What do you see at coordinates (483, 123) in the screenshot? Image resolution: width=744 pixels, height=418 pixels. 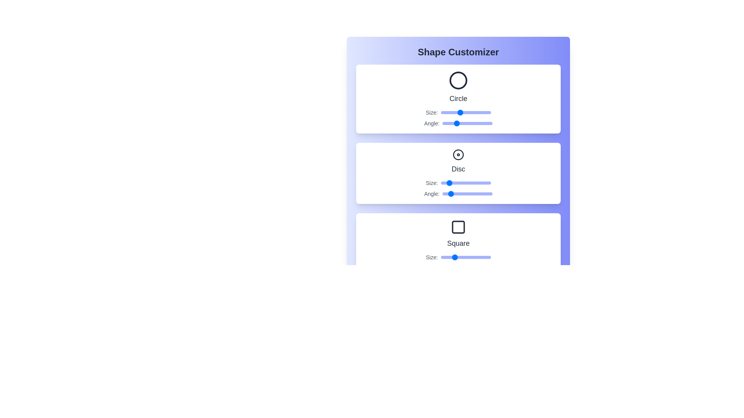 I see `the Circle's angle slider to 294 degrees` at bounding box center [483, 123].